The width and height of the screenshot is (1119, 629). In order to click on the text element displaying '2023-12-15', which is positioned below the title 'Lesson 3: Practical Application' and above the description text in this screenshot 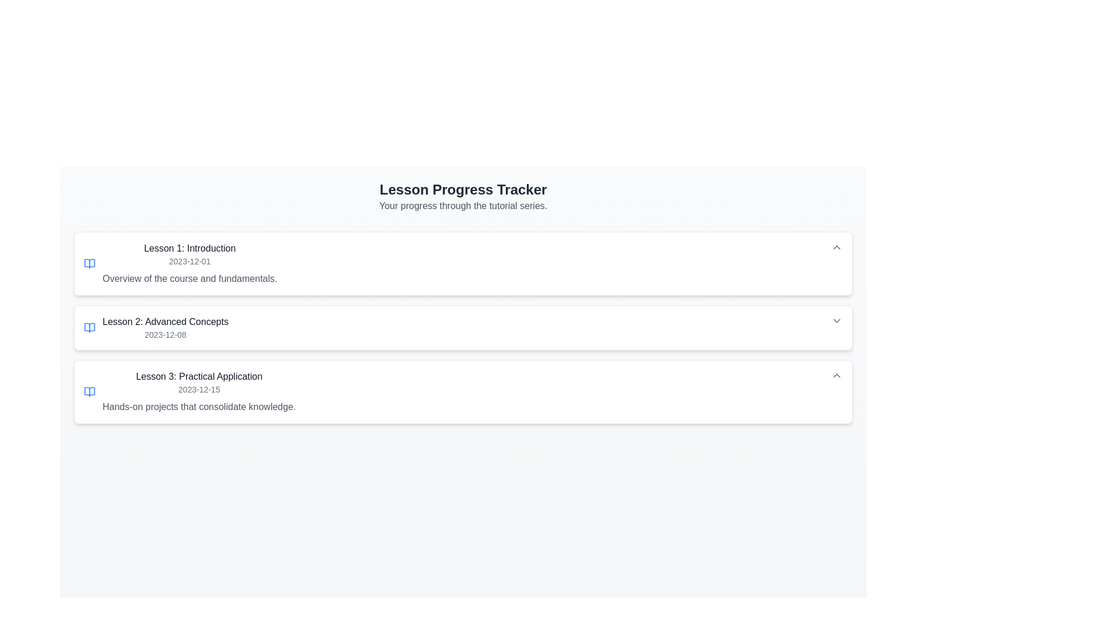, I will do `click(199, 389)`.